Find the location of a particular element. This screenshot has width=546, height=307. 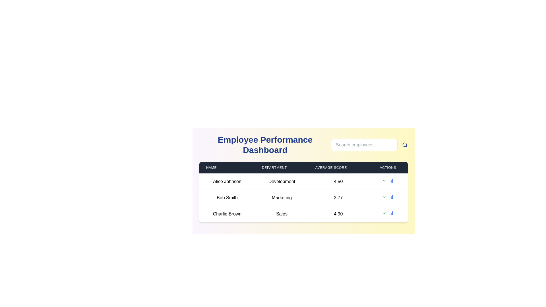

the green chevron-down icon in the second row of the table under the 'Actions' column is located at coordinates (384, 197).